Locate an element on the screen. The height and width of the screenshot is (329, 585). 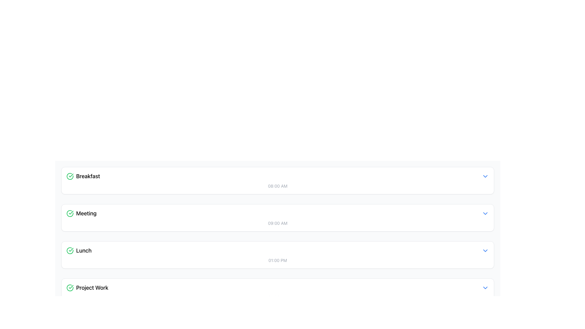
on the downward-facing blue chevron icon toggle button located at the far right of the 'Lunch' row is located at coordinates (485, 250).